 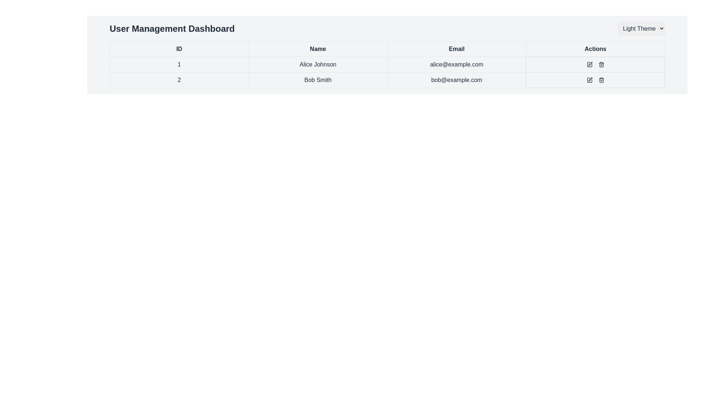 What do you see at coordinates (589, 64) in the screenshot?
I see `the editing button in the 'Actions' column for the row containing 'Alice Johnson' to initiate editing` at bounding box center [589, 64].